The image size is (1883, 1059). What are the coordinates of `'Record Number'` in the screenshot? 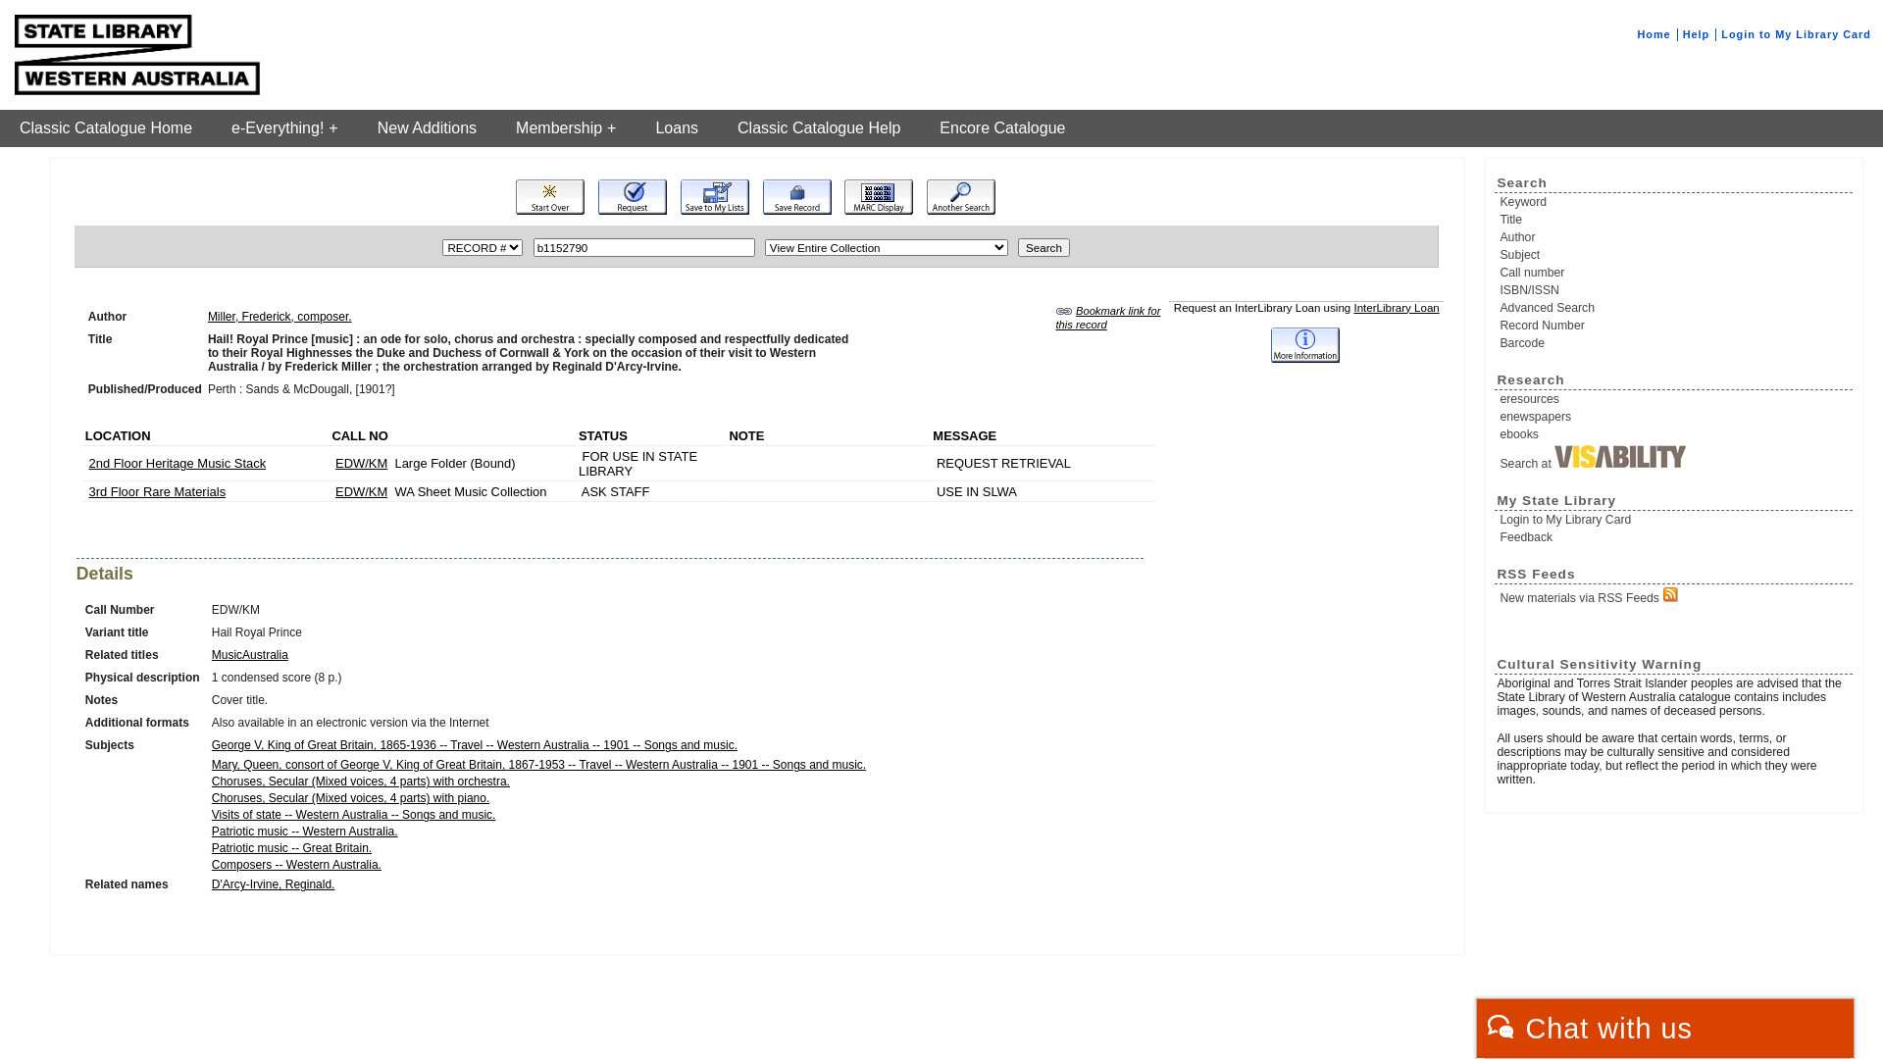 It's located at (1499, 324).